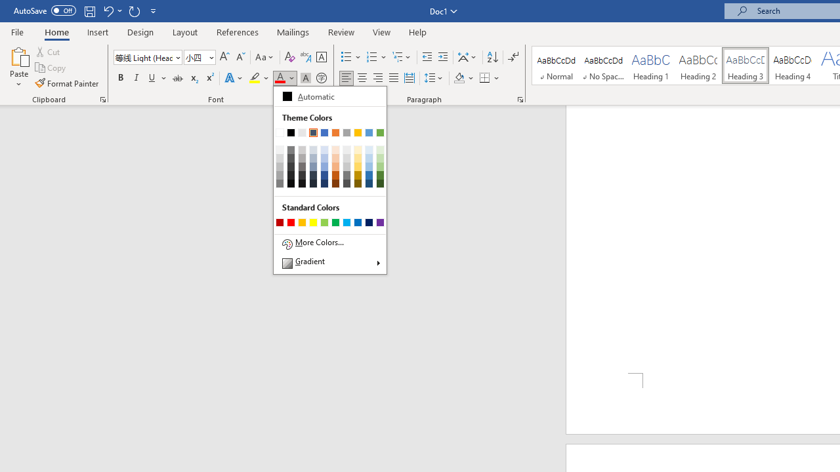 This screenshot has height=472, width=840. I want to click on 'Numbering', so click(371, 56).